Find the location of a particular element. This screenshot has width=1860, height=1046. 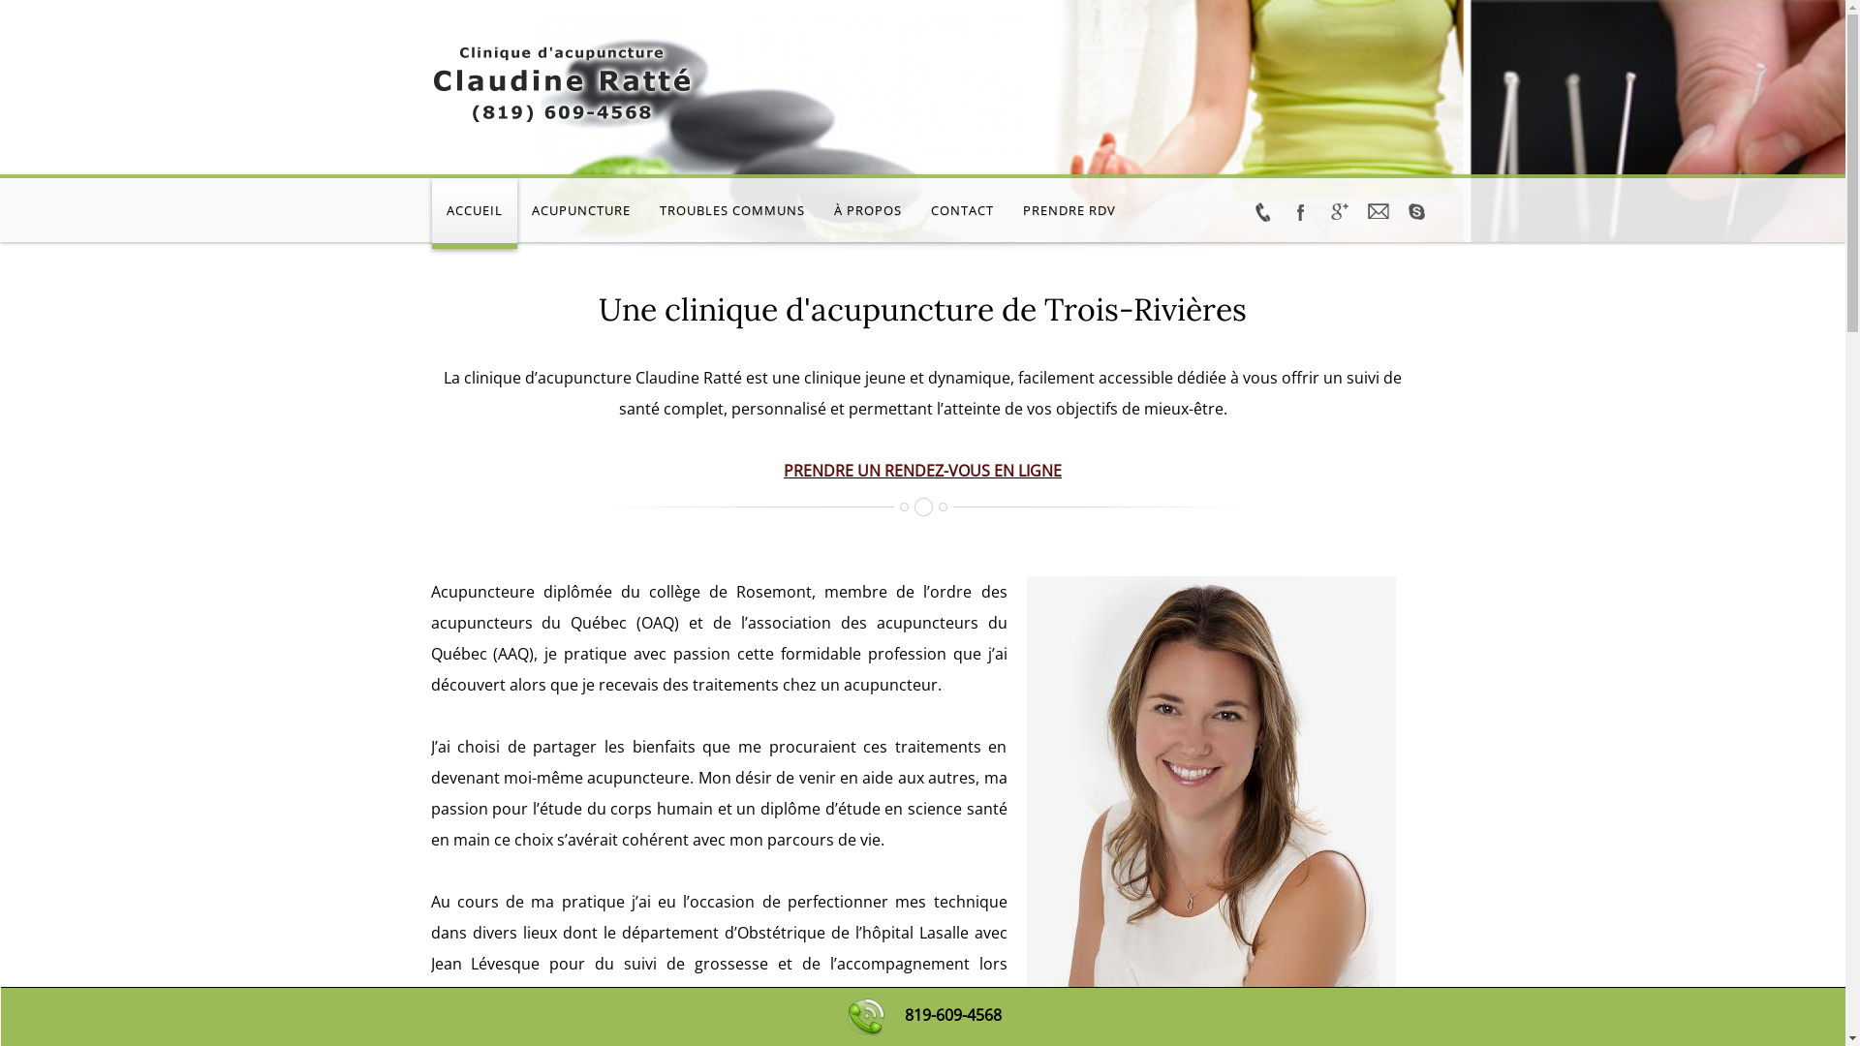

'Skype' is located at coordinates (1416, 212).